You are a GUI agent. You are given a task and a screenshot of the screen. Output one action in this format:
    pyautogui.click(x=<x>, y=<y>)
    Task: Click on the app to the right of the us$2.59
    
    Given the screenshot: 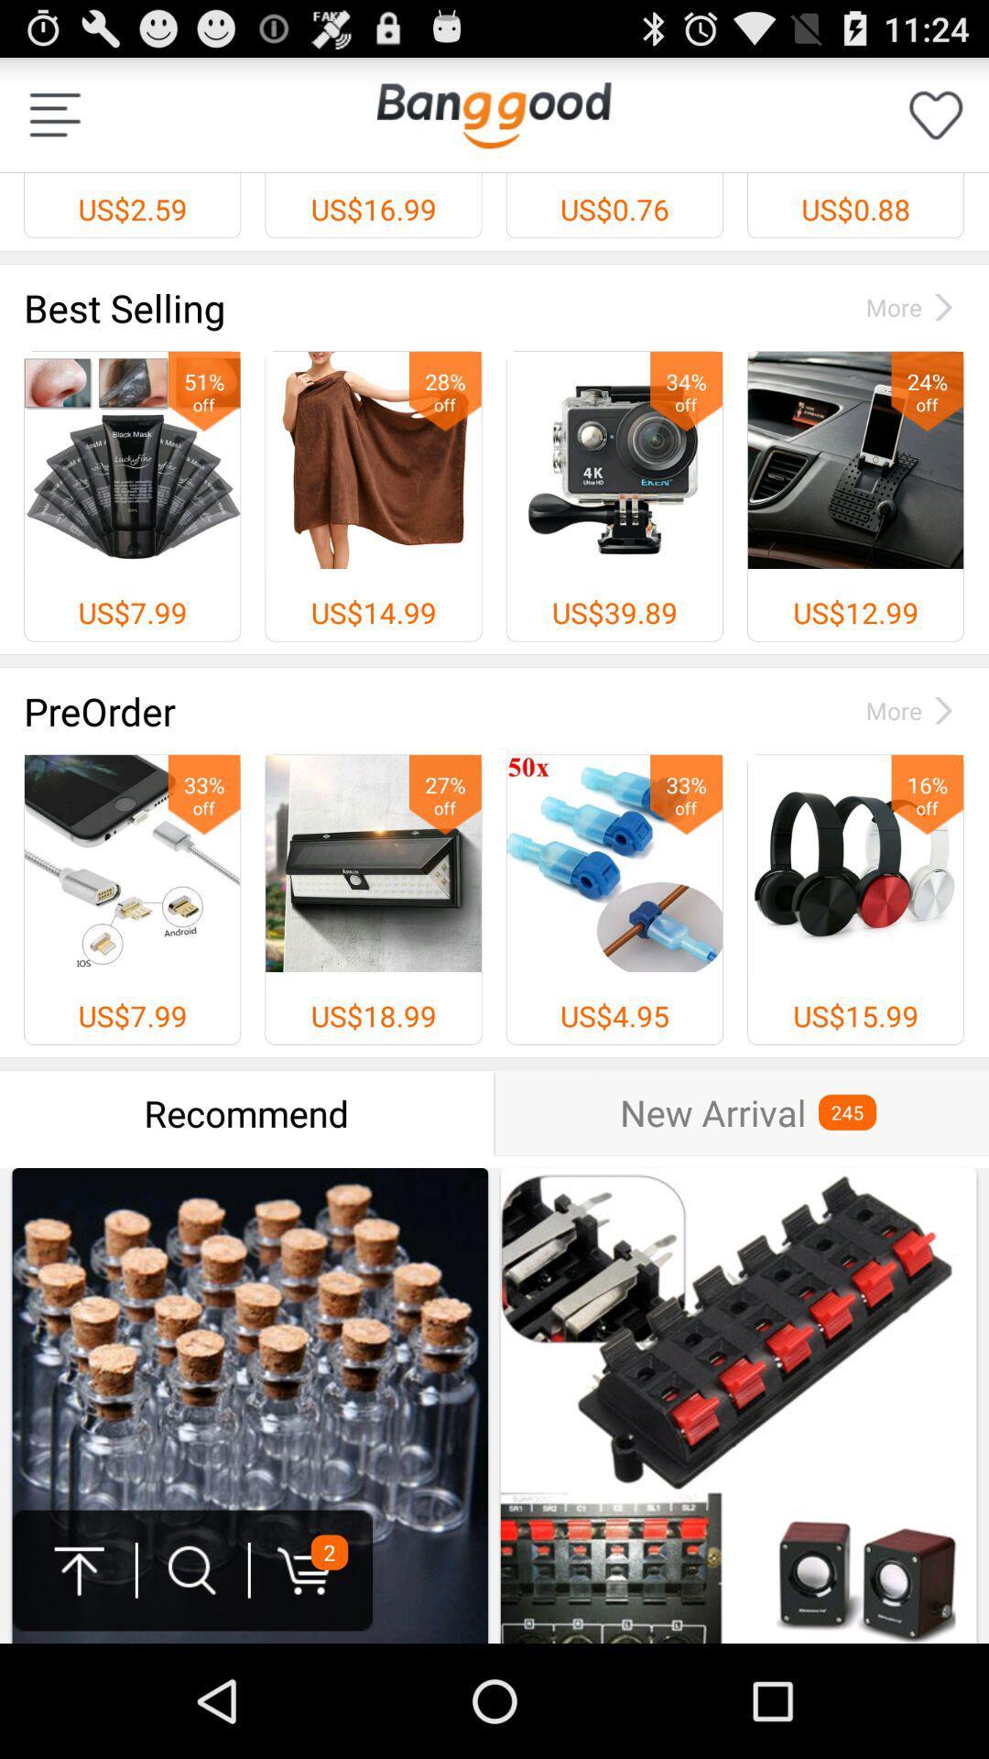 What is the action you would take?
    pyautogui.click(x=493, y=114)
    